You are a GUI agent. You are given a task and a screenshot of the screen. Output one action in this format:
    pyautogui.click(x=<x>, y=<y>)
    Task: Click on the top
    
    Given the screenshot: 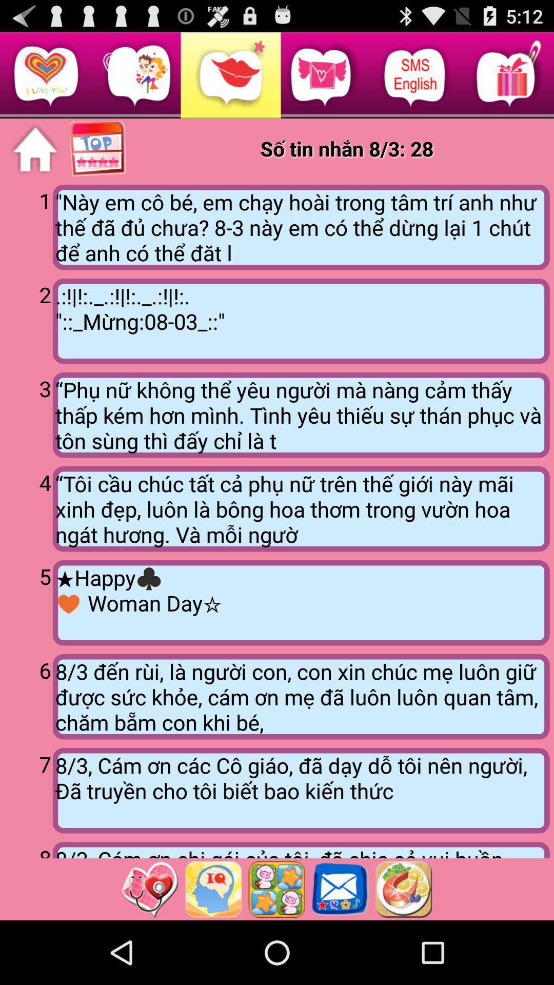 What is the action you would take?
    pyautogui.click(x=98, y=149)
    